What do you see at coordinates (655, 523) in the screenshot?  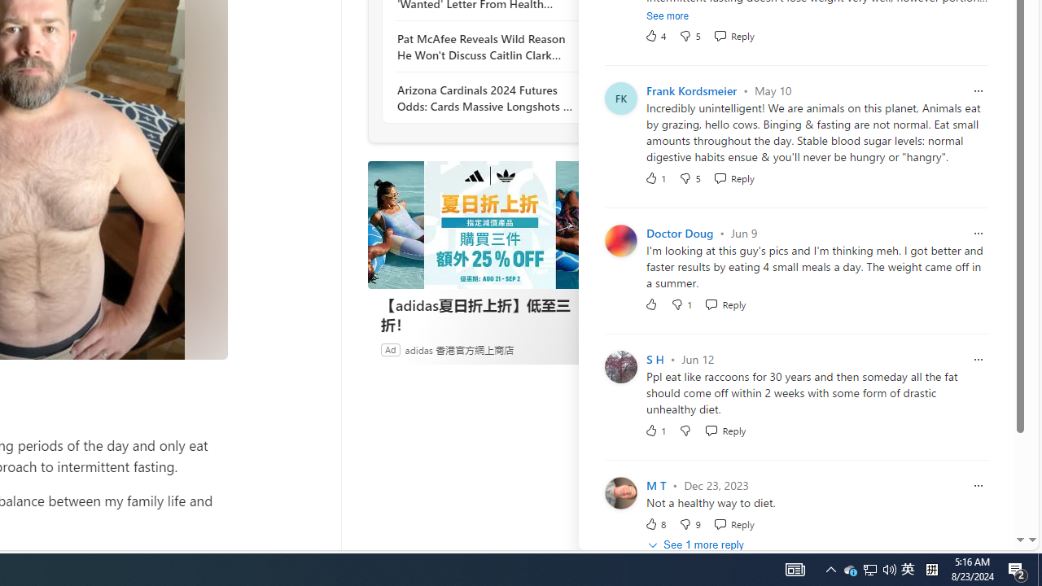 I see `'8 Like'` at bounding box center [655, 523].